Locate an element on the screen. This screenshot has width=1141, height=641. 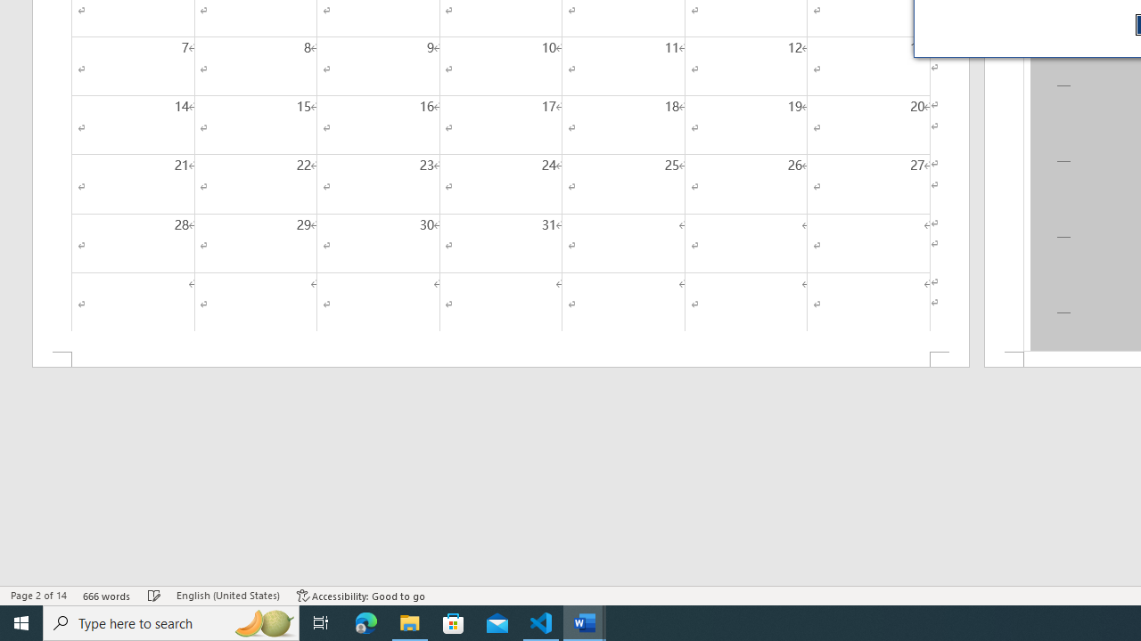
'Spelling and Grammar Check Checking' is located at coordinates (154, 596).